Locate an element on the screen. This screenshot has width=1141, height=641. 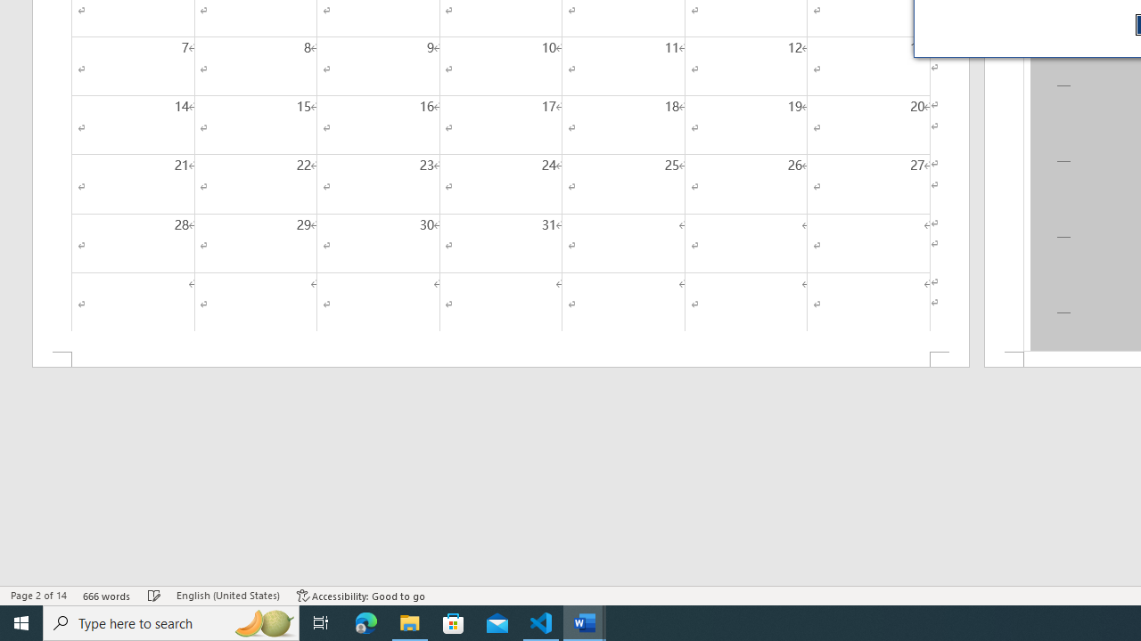
'Spelling and Grammar Check Checking' is located at coordinates (154, 596).